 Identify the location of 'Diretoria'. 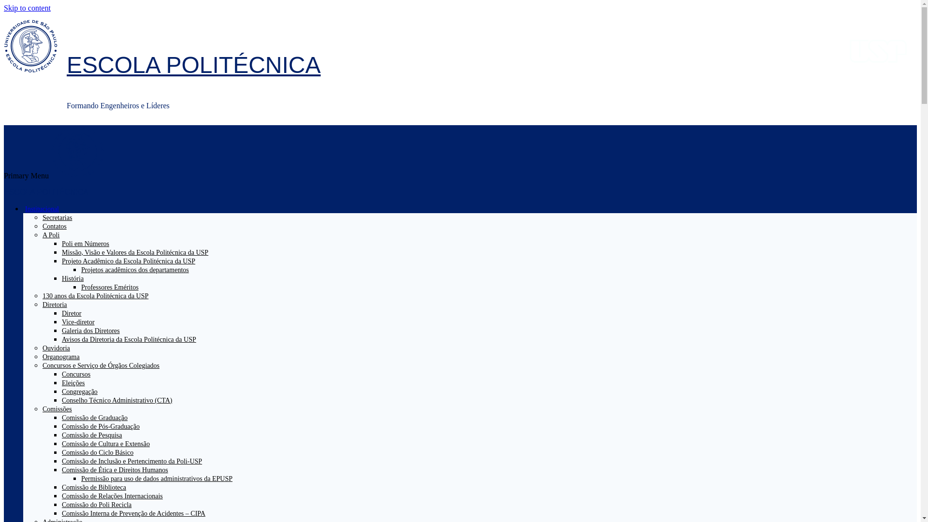
(58, 304).